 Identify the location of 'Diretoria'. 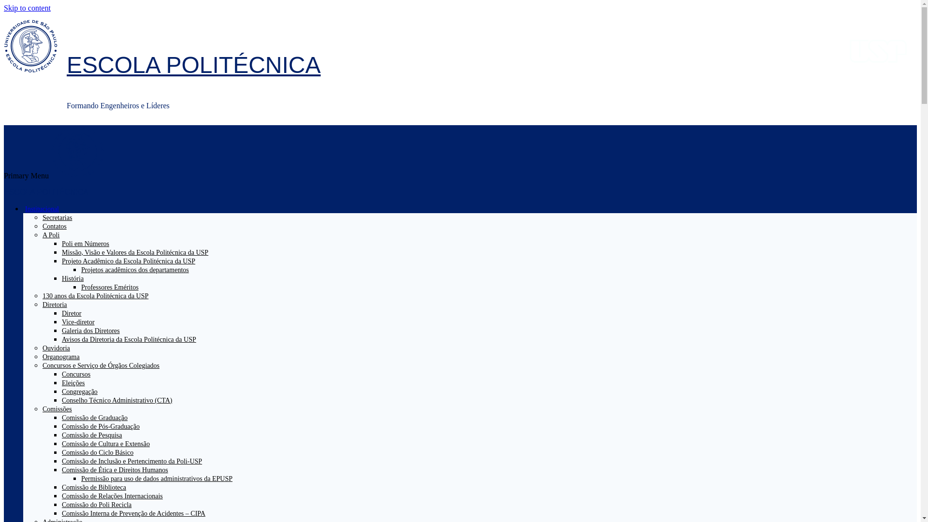
(58, 304).